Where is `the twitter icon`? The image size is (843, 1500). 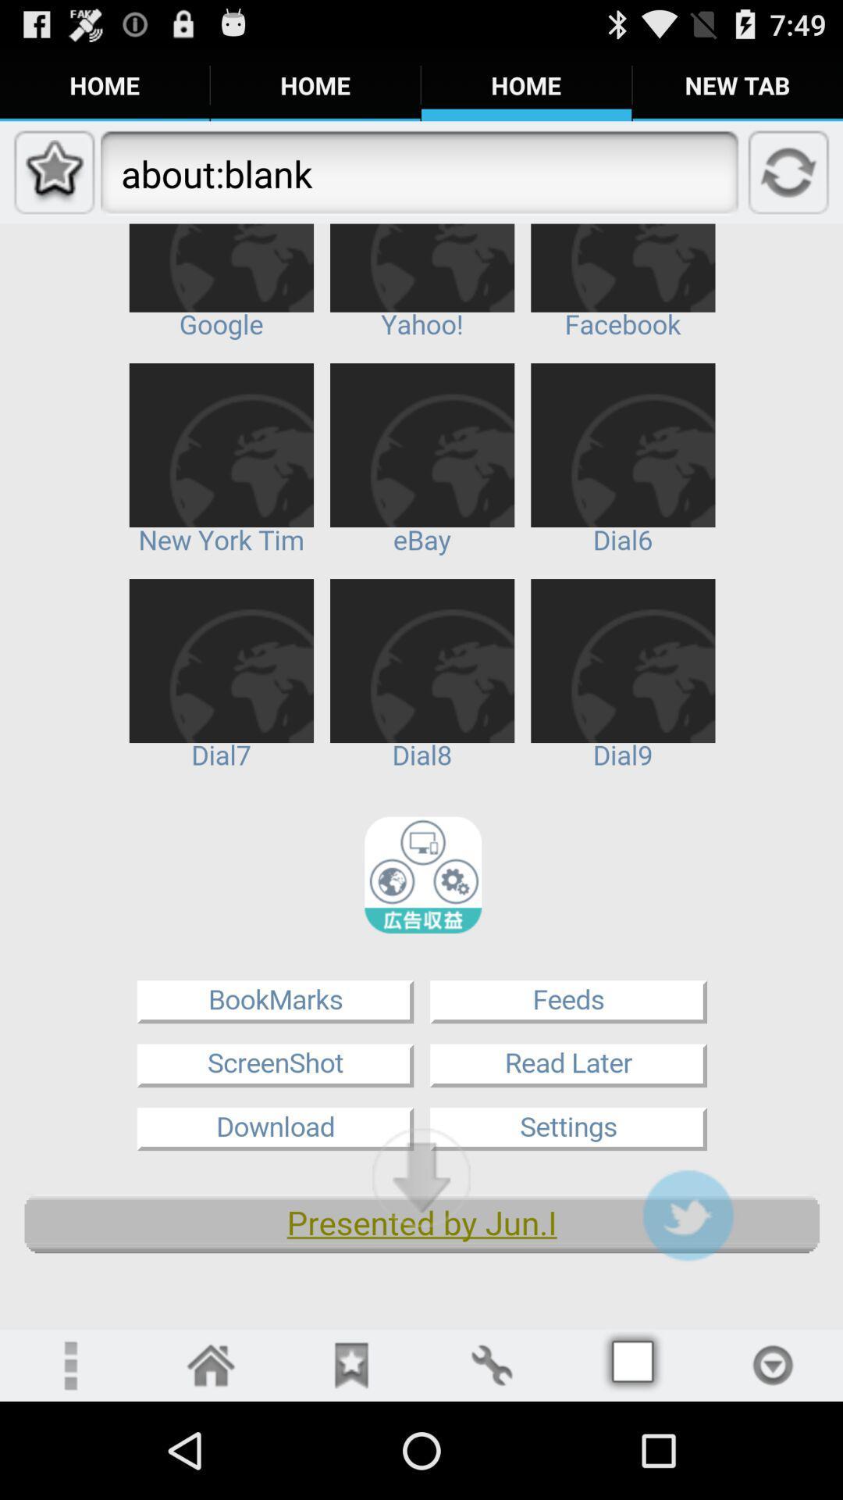 the twitter icon is located at coordinates (687, 1301).